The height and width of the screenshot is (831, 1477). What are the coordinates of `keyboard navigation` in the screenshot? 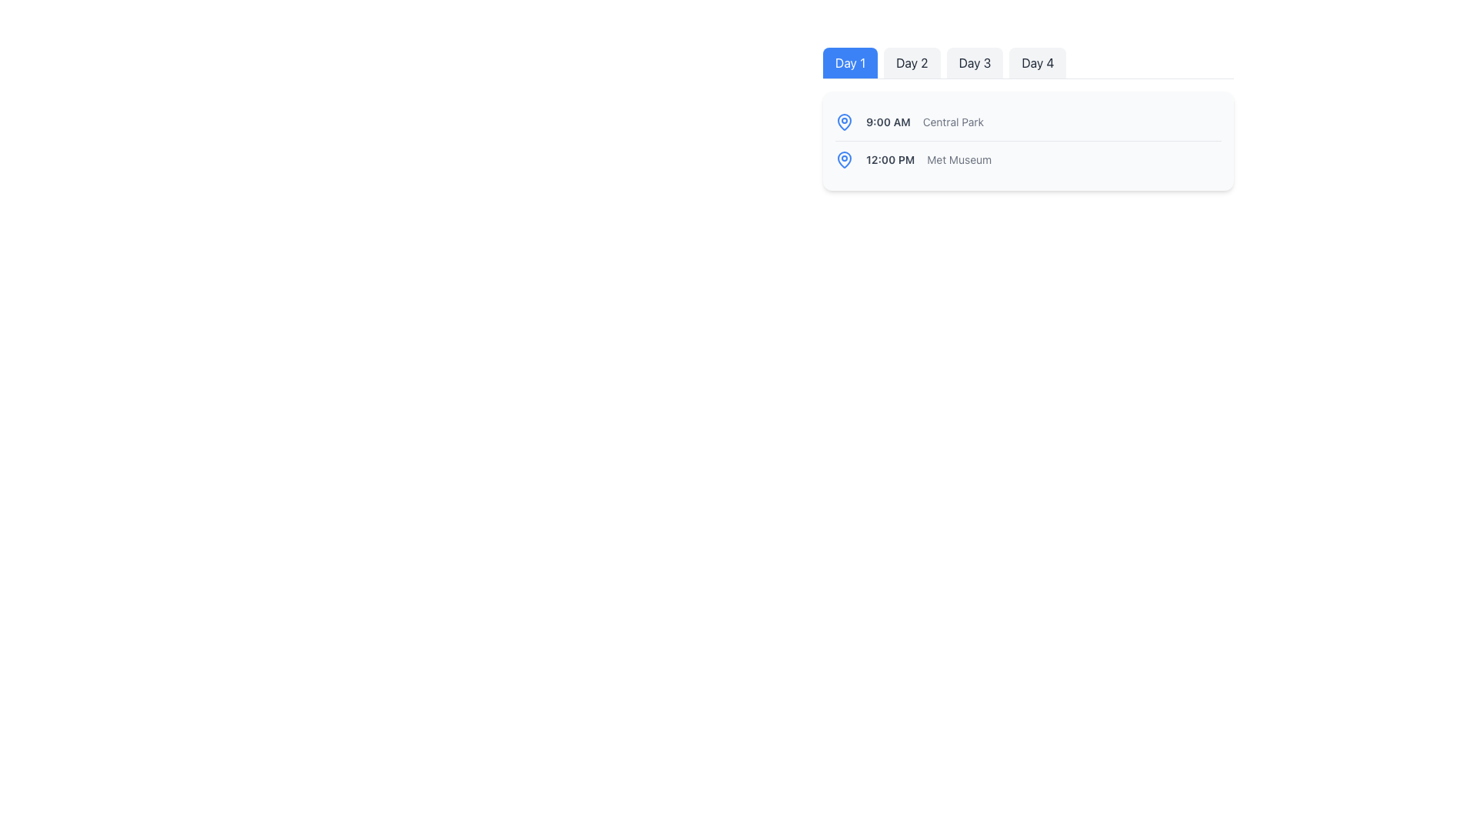 It's located at (974, 62).